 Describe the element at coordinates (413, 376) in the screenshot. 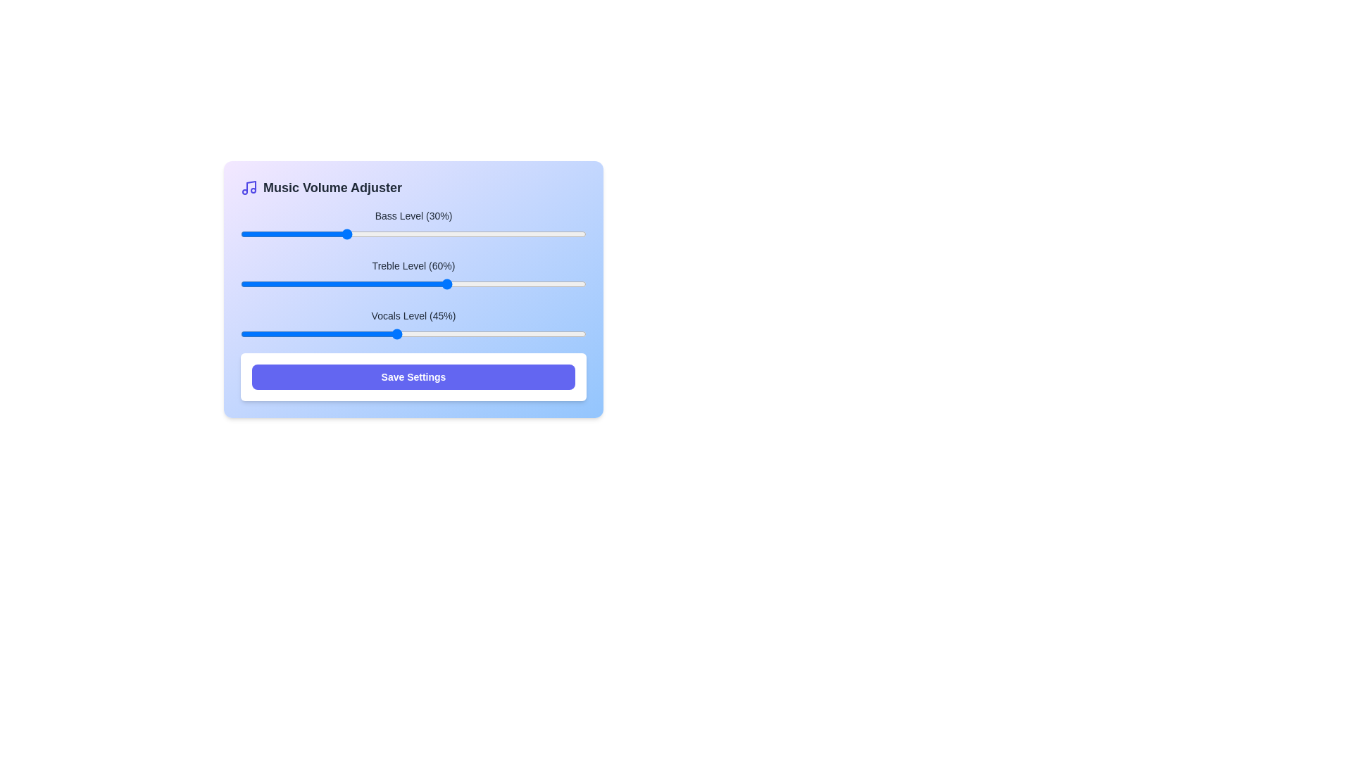

I see `the save button located near the bottom center of the interface to activate the hover effect` at that location.